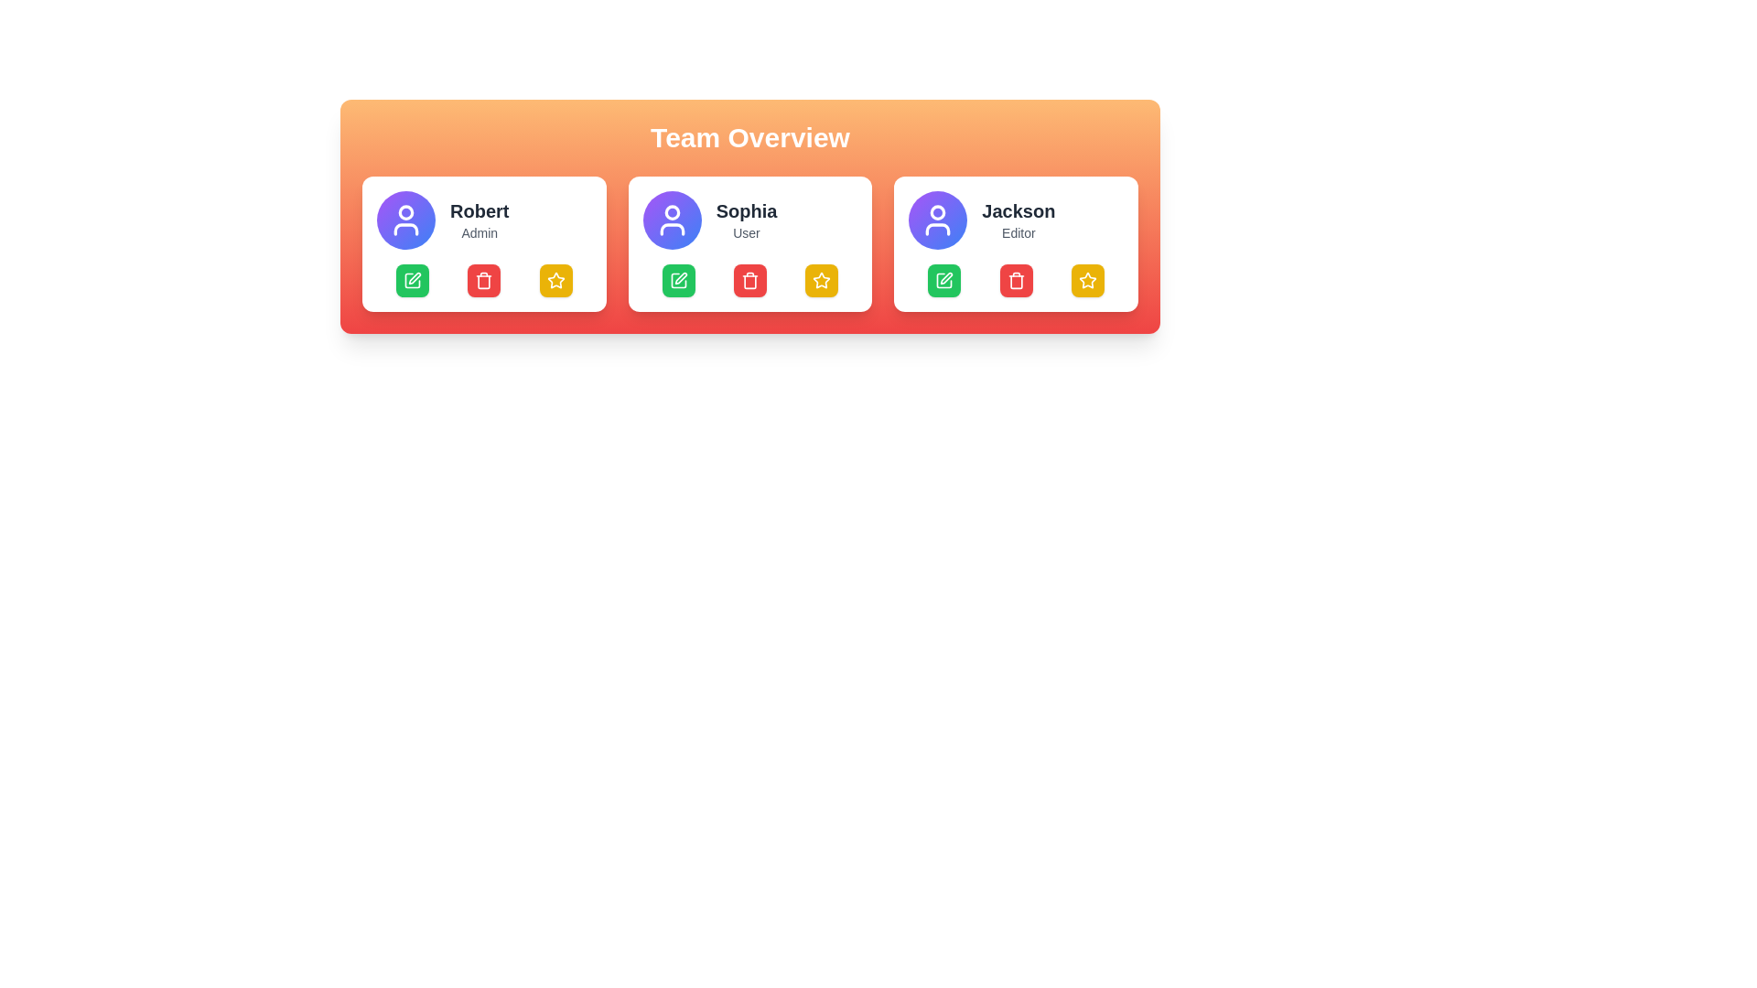 This screenshot has height=988, width=1757. What do you see at coordinates (412, 281) in the screenshot?
I see `the edit button located in the user profile card labeled 'Robert Admin'` at bounding box center [412, 281].